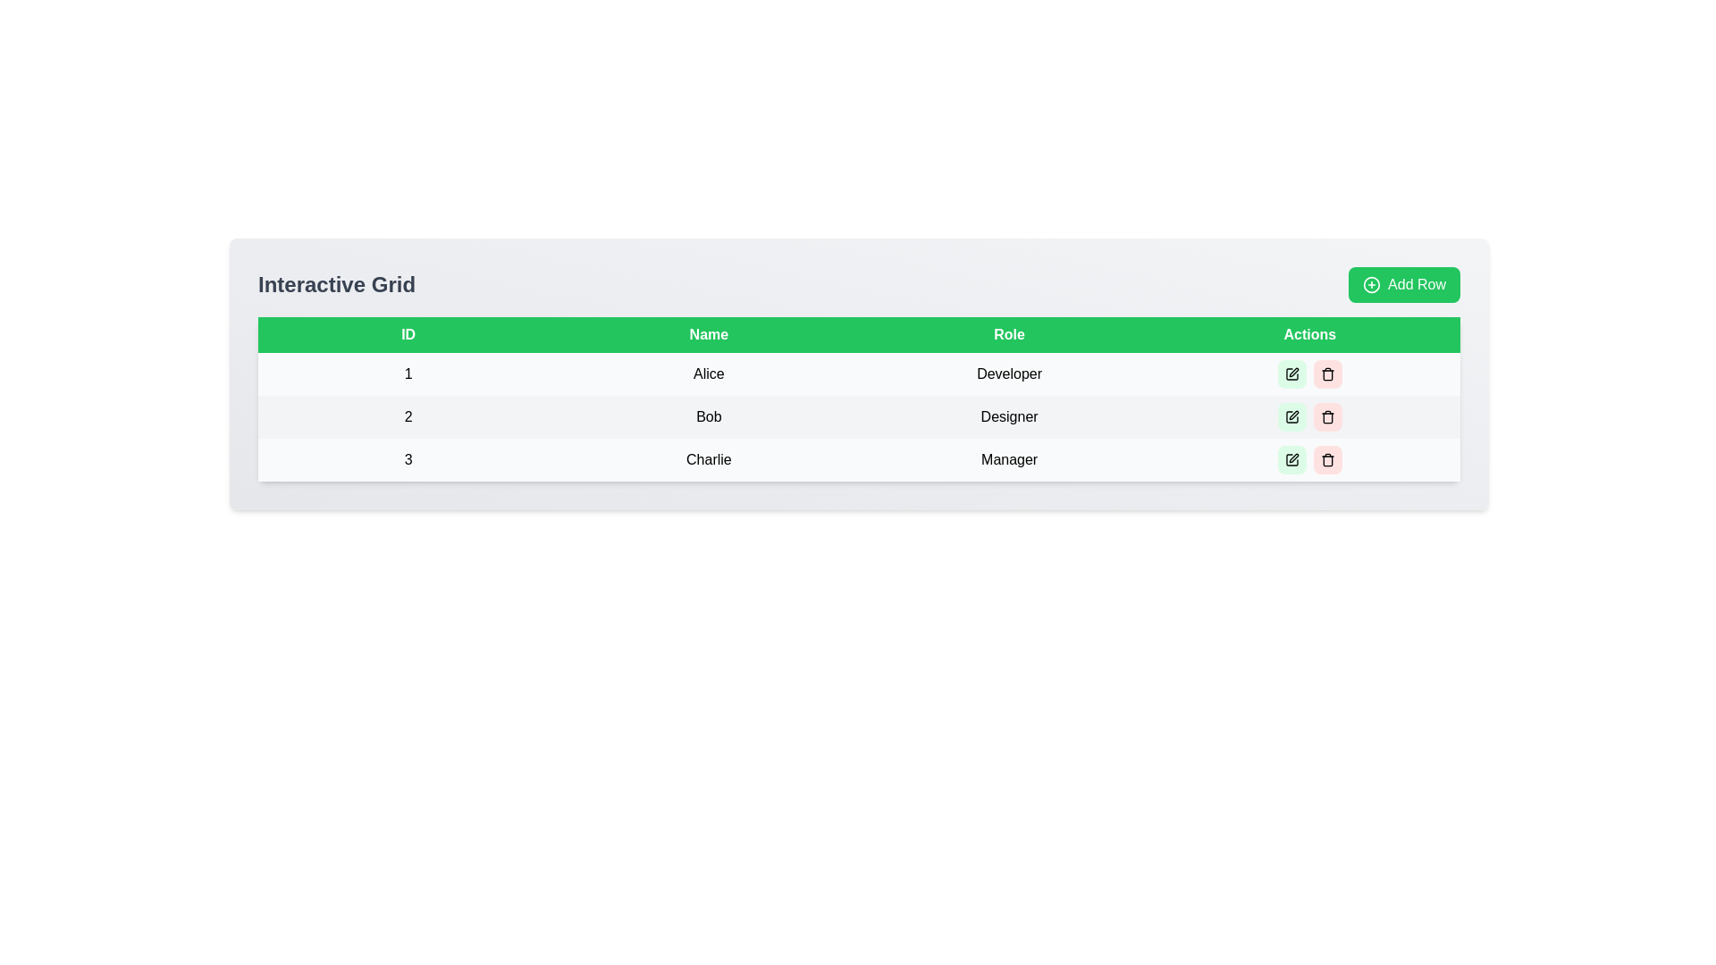  Describe the element at coordinates (1009, 416) in the screenshot. I see `the static text label indicating the role associated with the entry 'Bob' in the second row of the table under the 'Role' column` at that location.